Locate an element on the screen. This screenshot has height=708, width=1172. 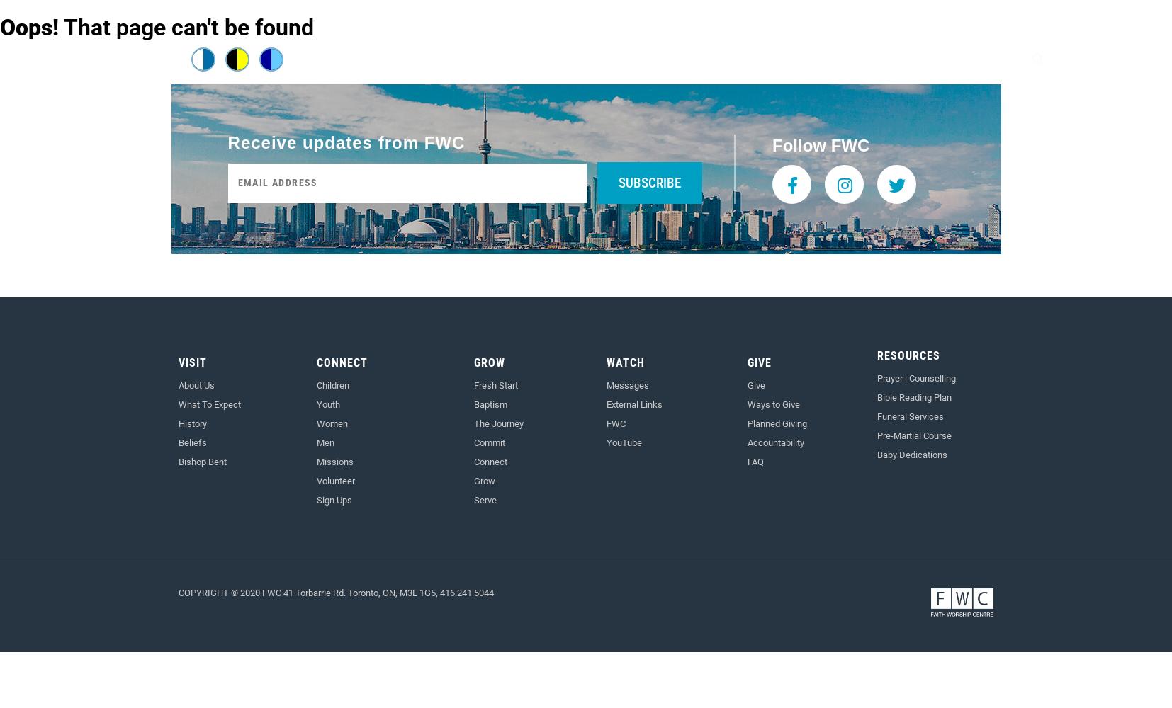
'Visit' is located at coordinates (191, 362).